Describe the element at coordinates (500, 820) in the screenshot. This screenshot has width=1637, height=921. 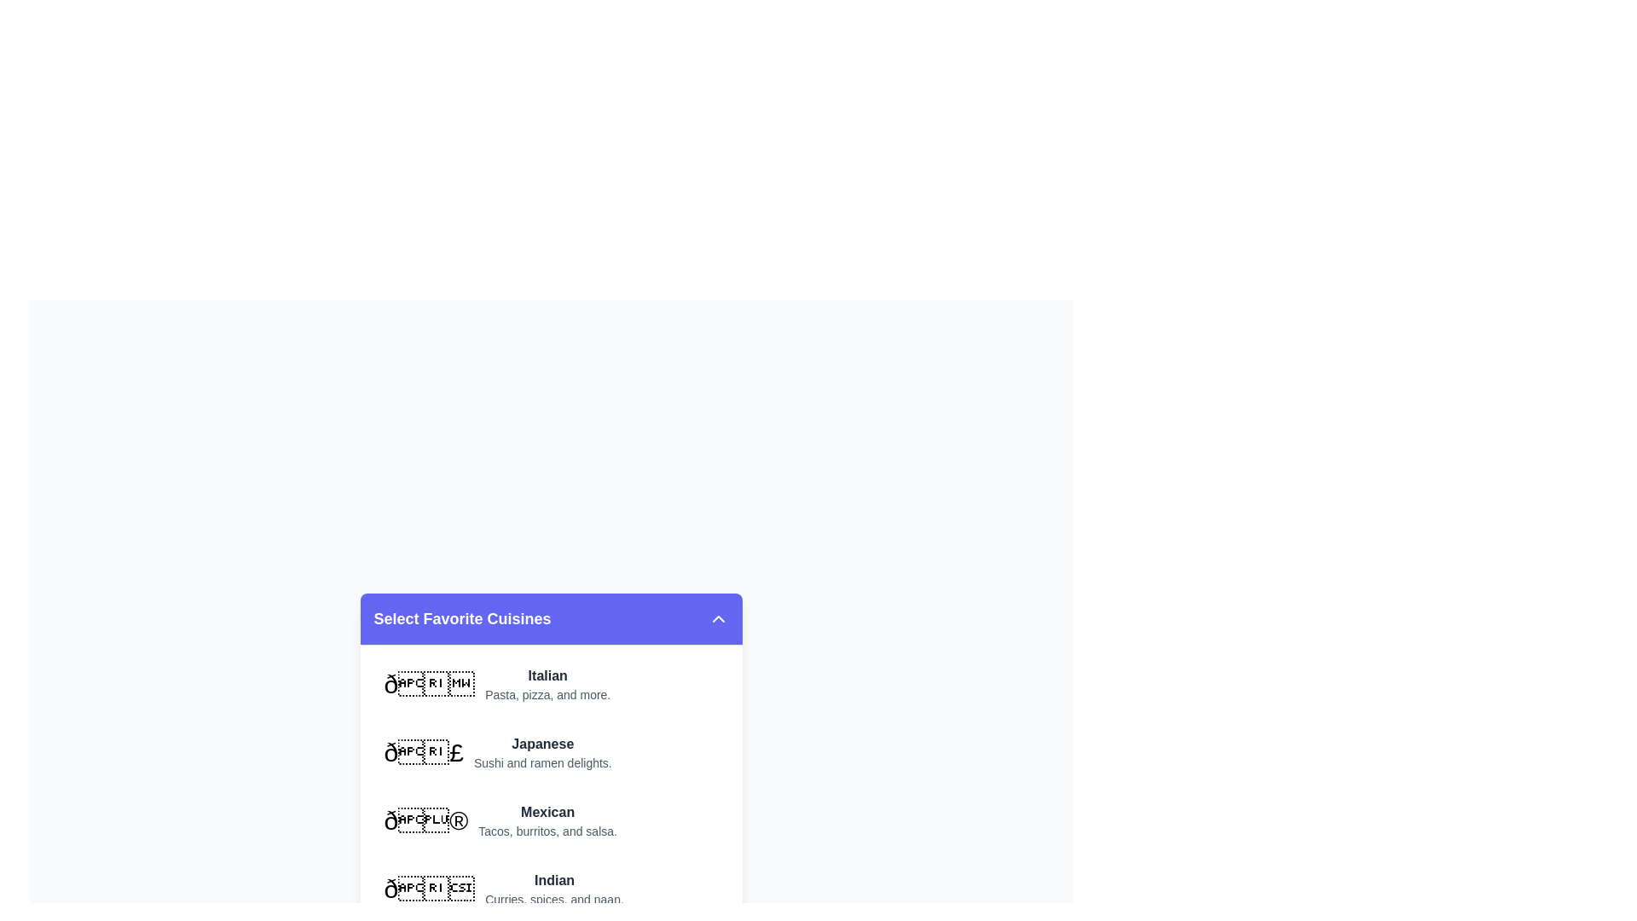
I see `the 'Mexican' cuisine category label in the dropdown menu 'Select Favorite Cuisines'` at that location.